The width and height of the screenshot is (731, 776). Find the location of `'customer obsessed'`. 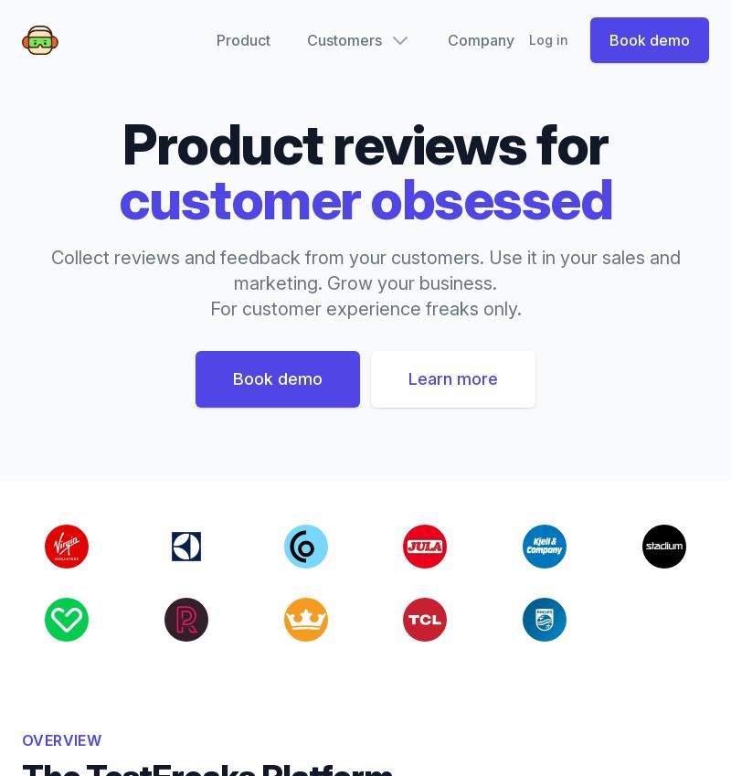

'customer obsessed' is located at coordinates (364, 198).